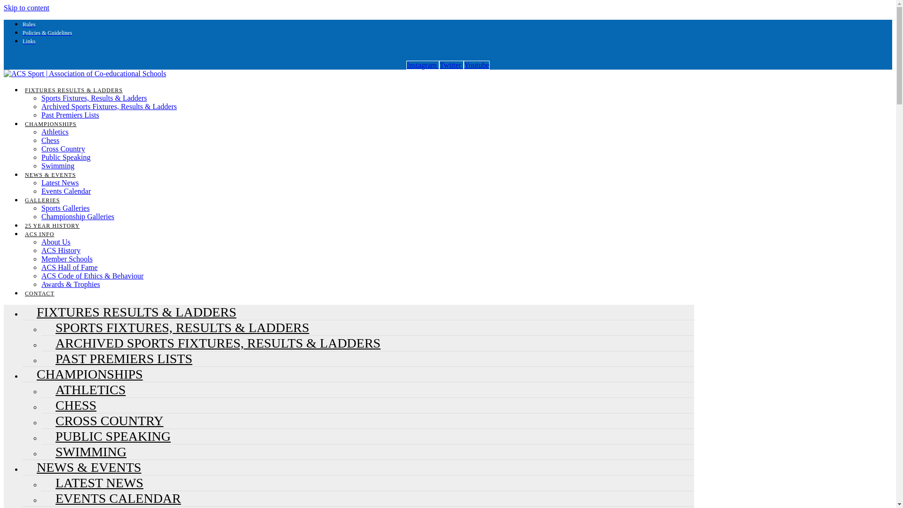 The width and height of the screenshot is (903, 508). What do you see at coordinates (40, 190) in the screenshot?
I see `'Events Calendar'` at bounding box center [40, 190].